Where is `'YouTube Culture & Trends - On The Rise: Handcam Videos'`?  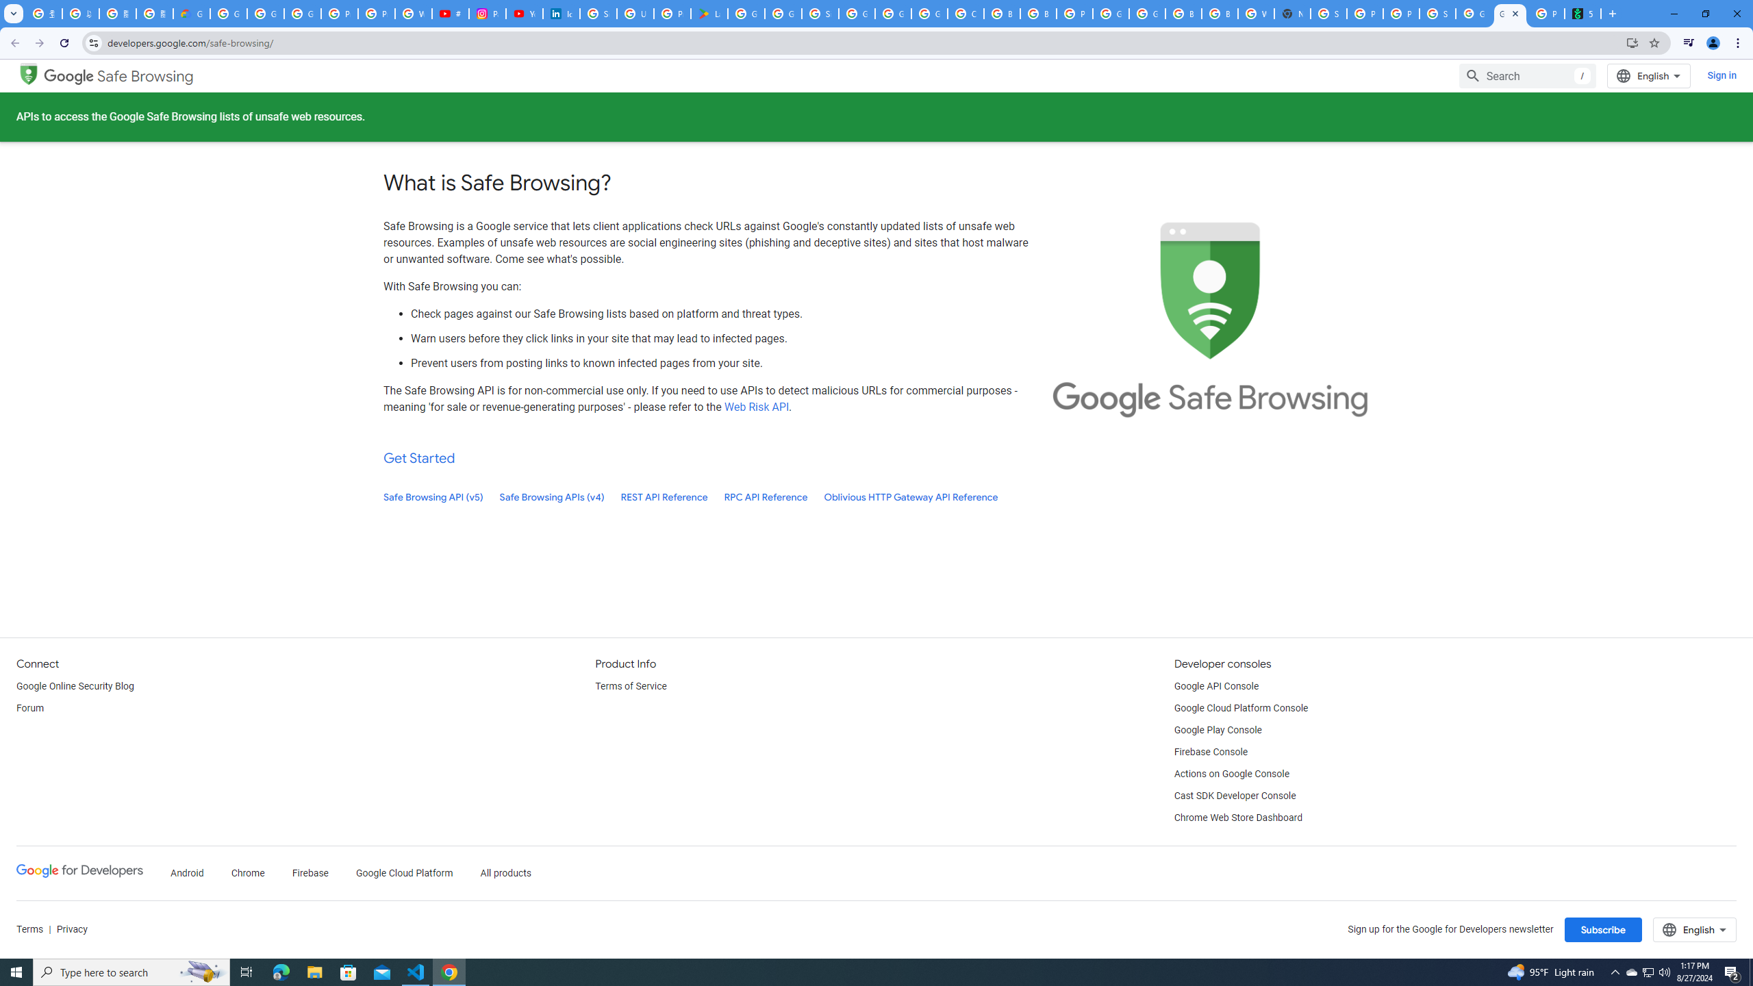 'YouTube Culture & Trends - On The Rise: Handcam Videos' is located at coordinates (524, 13).